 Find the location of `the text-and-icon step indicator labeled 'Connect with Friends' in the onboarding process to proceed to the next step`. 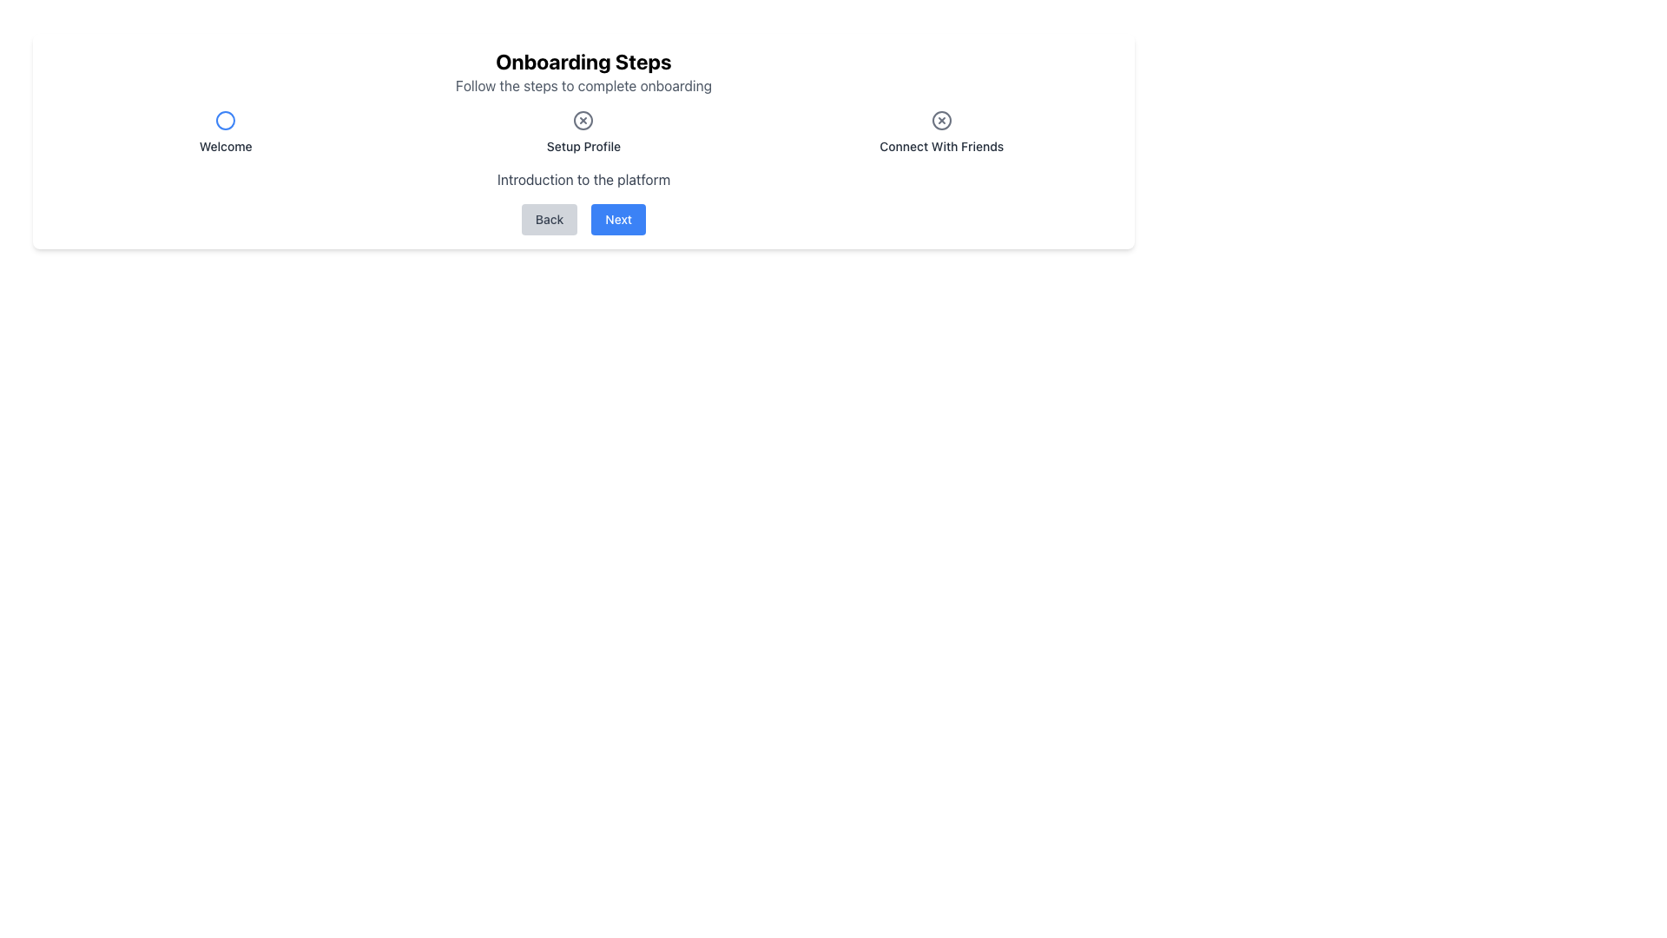

the text-and-icon step indicator labeled 'Connect with Friends' in the onboarding process to proceed to the next step is located at coordinates (940, 132).